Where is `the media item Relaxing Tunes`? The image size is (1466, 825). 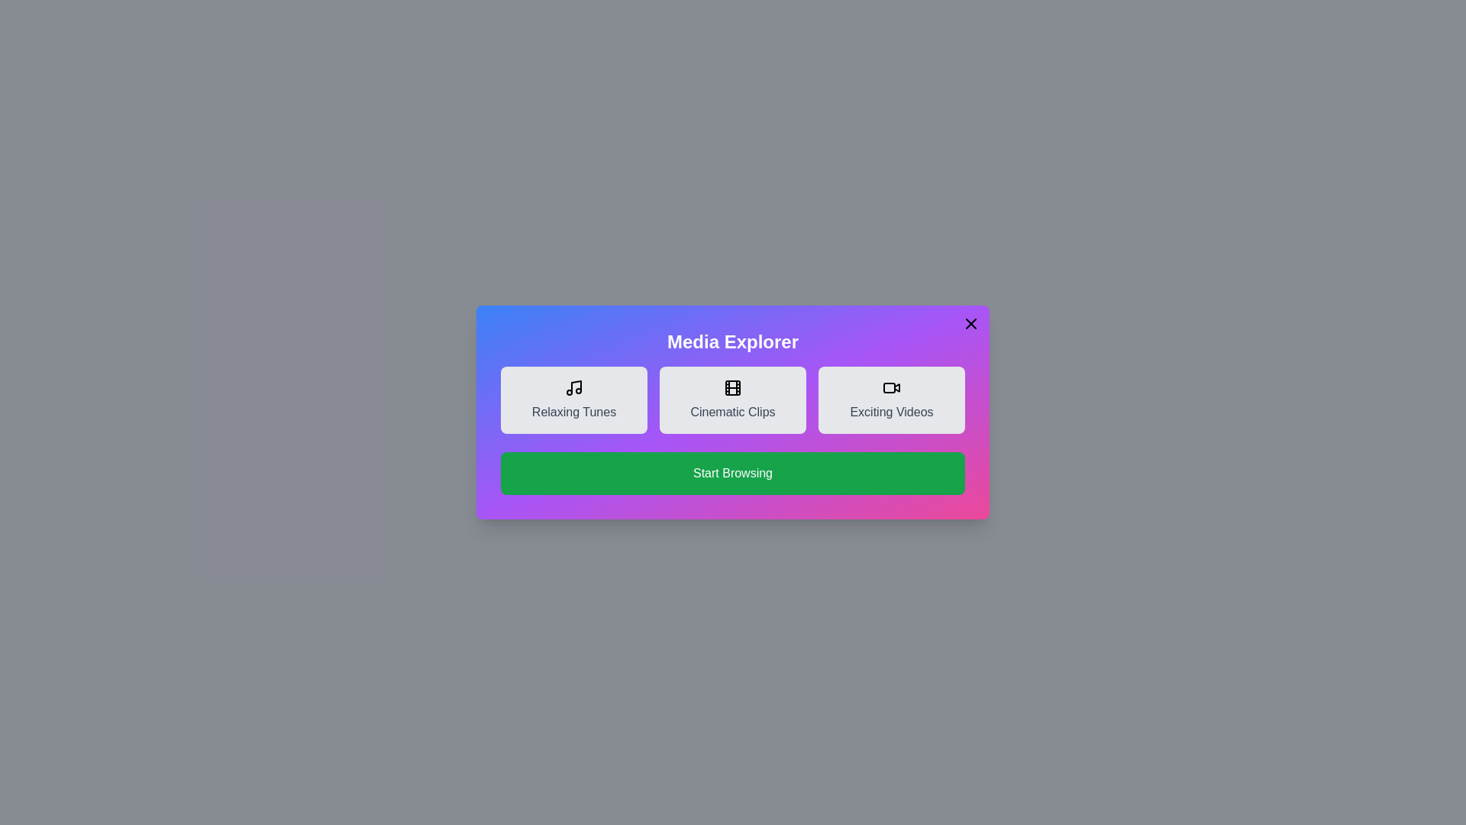
the media item Relaxing Tunes is located at coordinates (573, 400).